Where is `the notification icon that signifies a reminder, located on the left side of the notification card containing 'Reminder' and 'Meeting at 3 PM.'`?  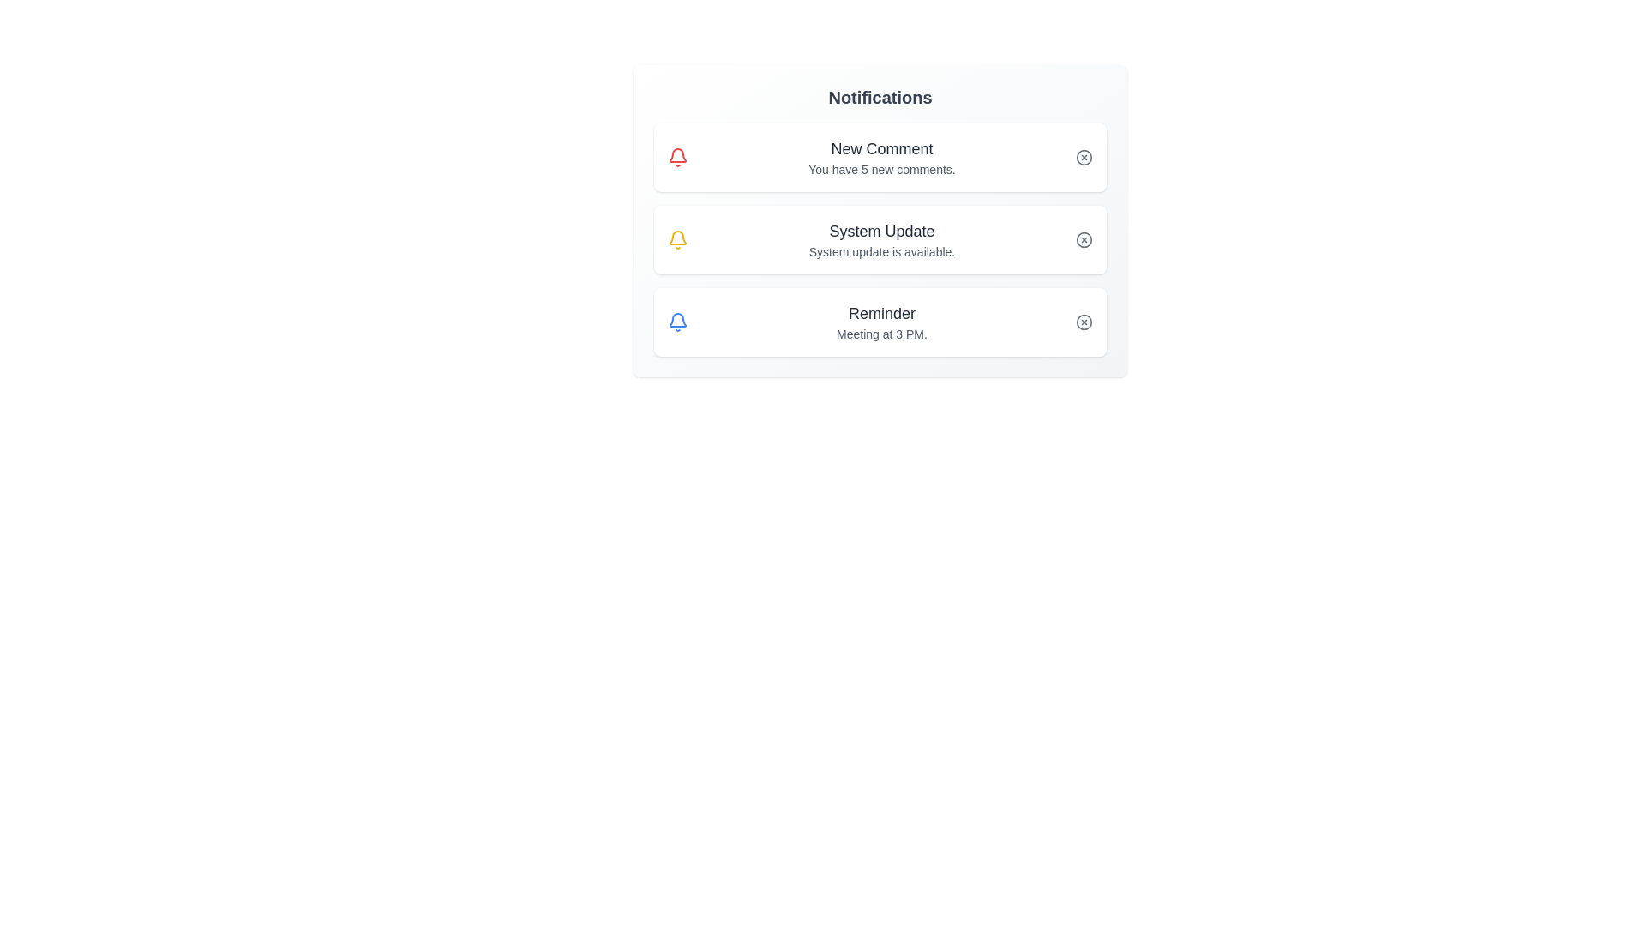
the notification icon that signifies a reminder, located on the left side of the notification card containing 'Reminder' and 'Meeting at 3 PM.' is located at coordinates (677, 322).